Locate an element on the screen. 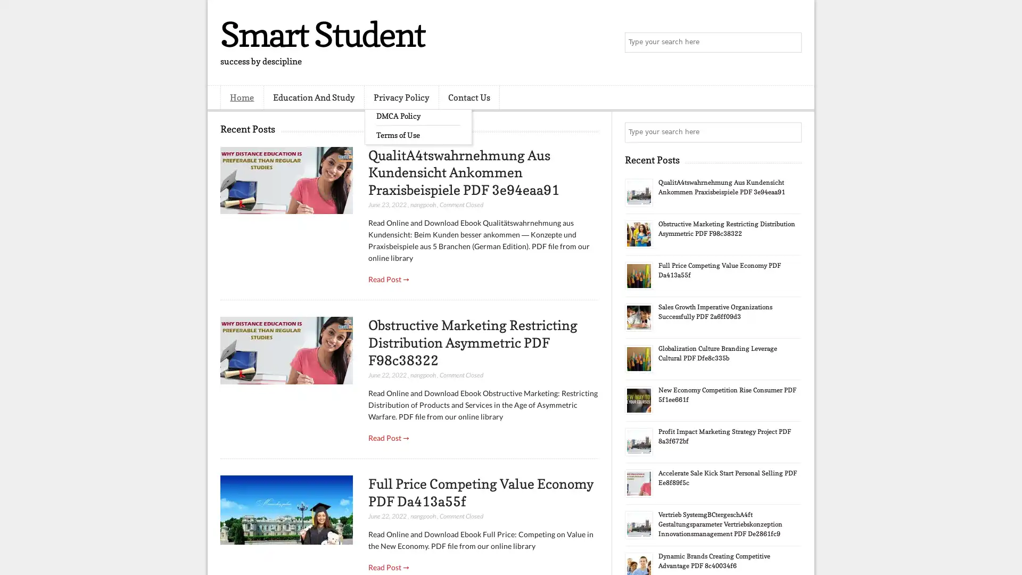 Image resolution: width=1022 pixels, height=575 pixels. Search is located at coordinates (790, 43).